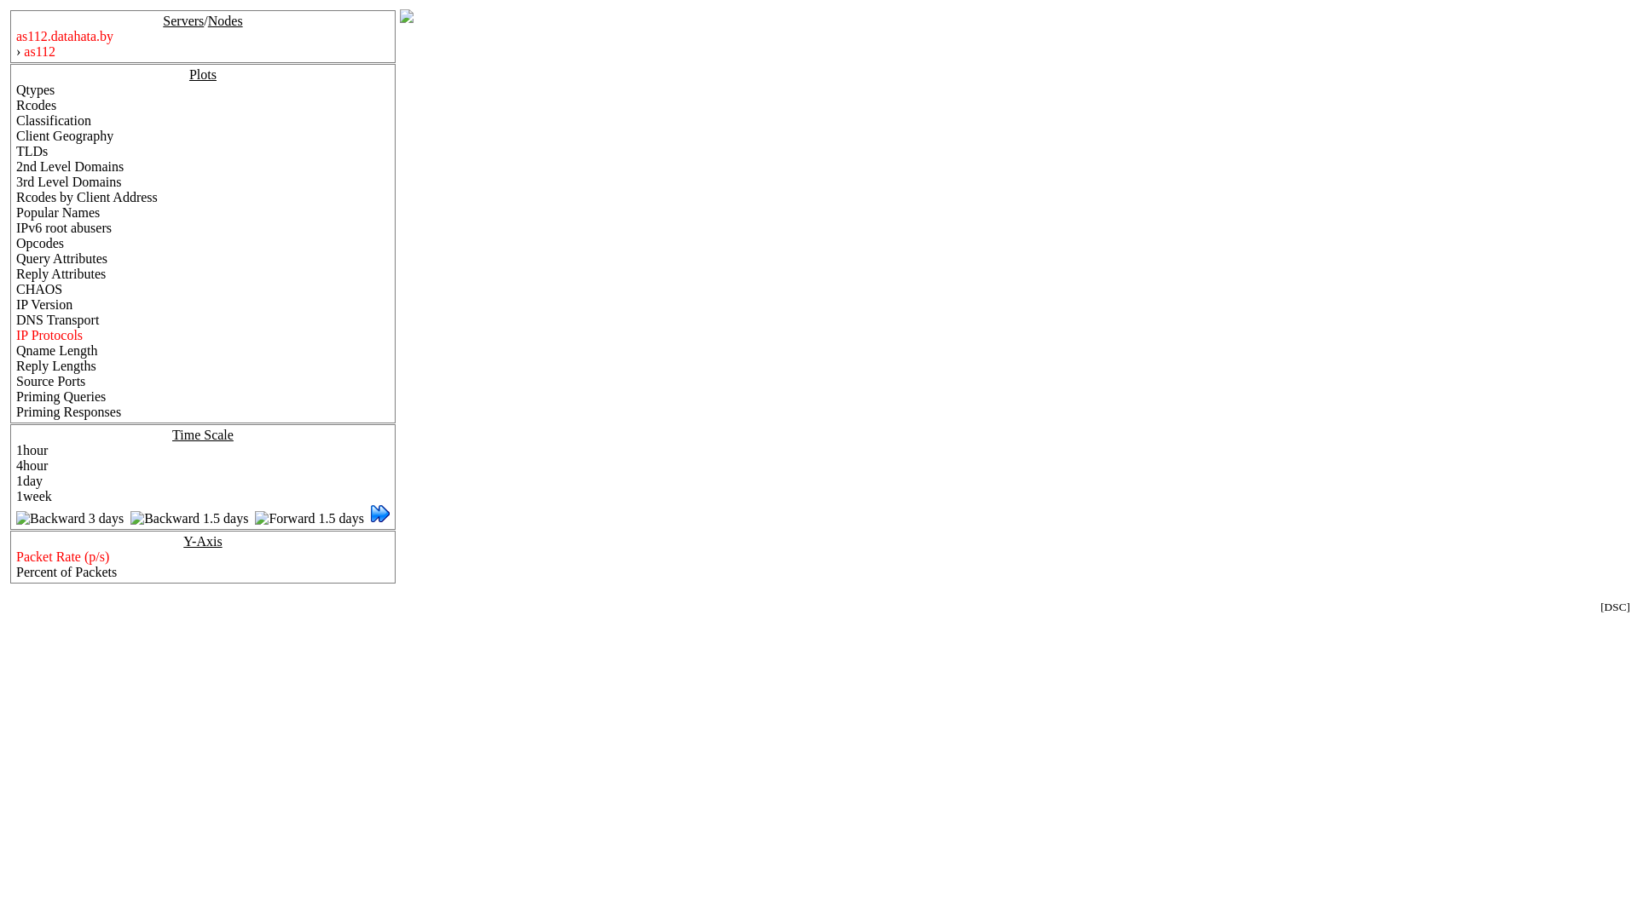 The height and width of the screenshot is (920, 1637). I want to click on '1hour', so click(32, 449).